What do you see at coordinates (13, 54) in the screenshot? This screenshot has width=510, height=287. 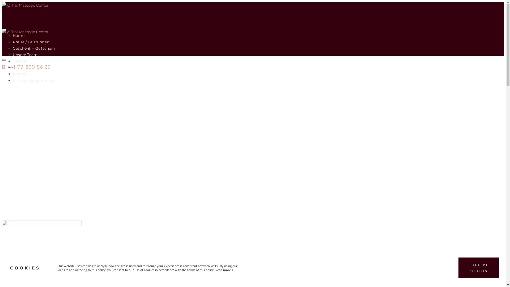 I see `'Unsere Team'` at bounding box center [13, 54].